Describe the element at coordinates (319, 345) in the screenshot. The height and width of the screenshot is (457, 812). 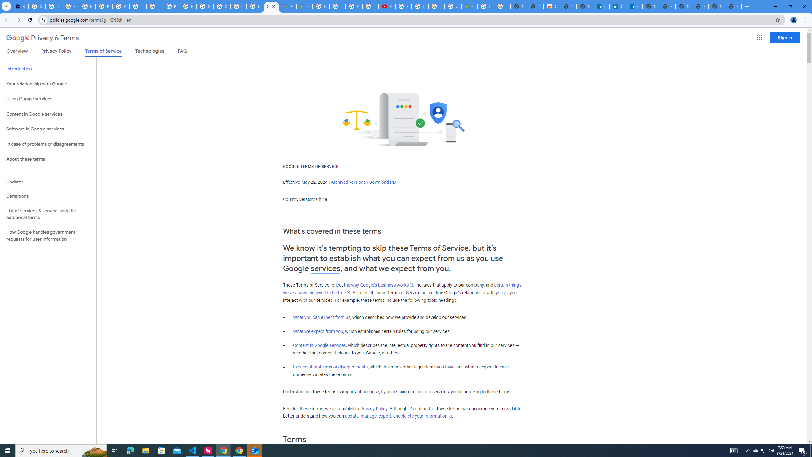
I see `'Content in Google services'` at that location.